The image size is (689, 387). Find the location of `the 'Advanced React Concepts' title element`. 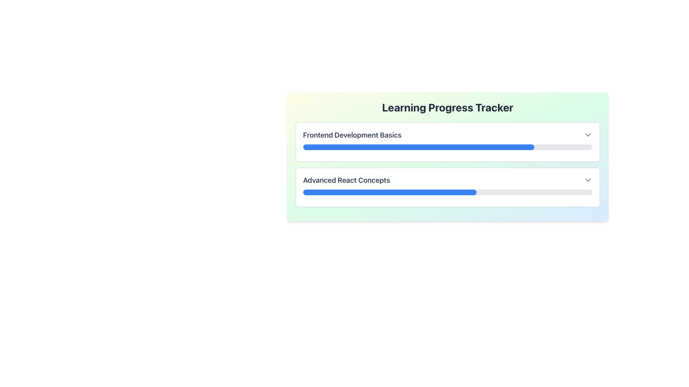

the 'Advanced React Concepts' title element is located at coordinates (346, 180).